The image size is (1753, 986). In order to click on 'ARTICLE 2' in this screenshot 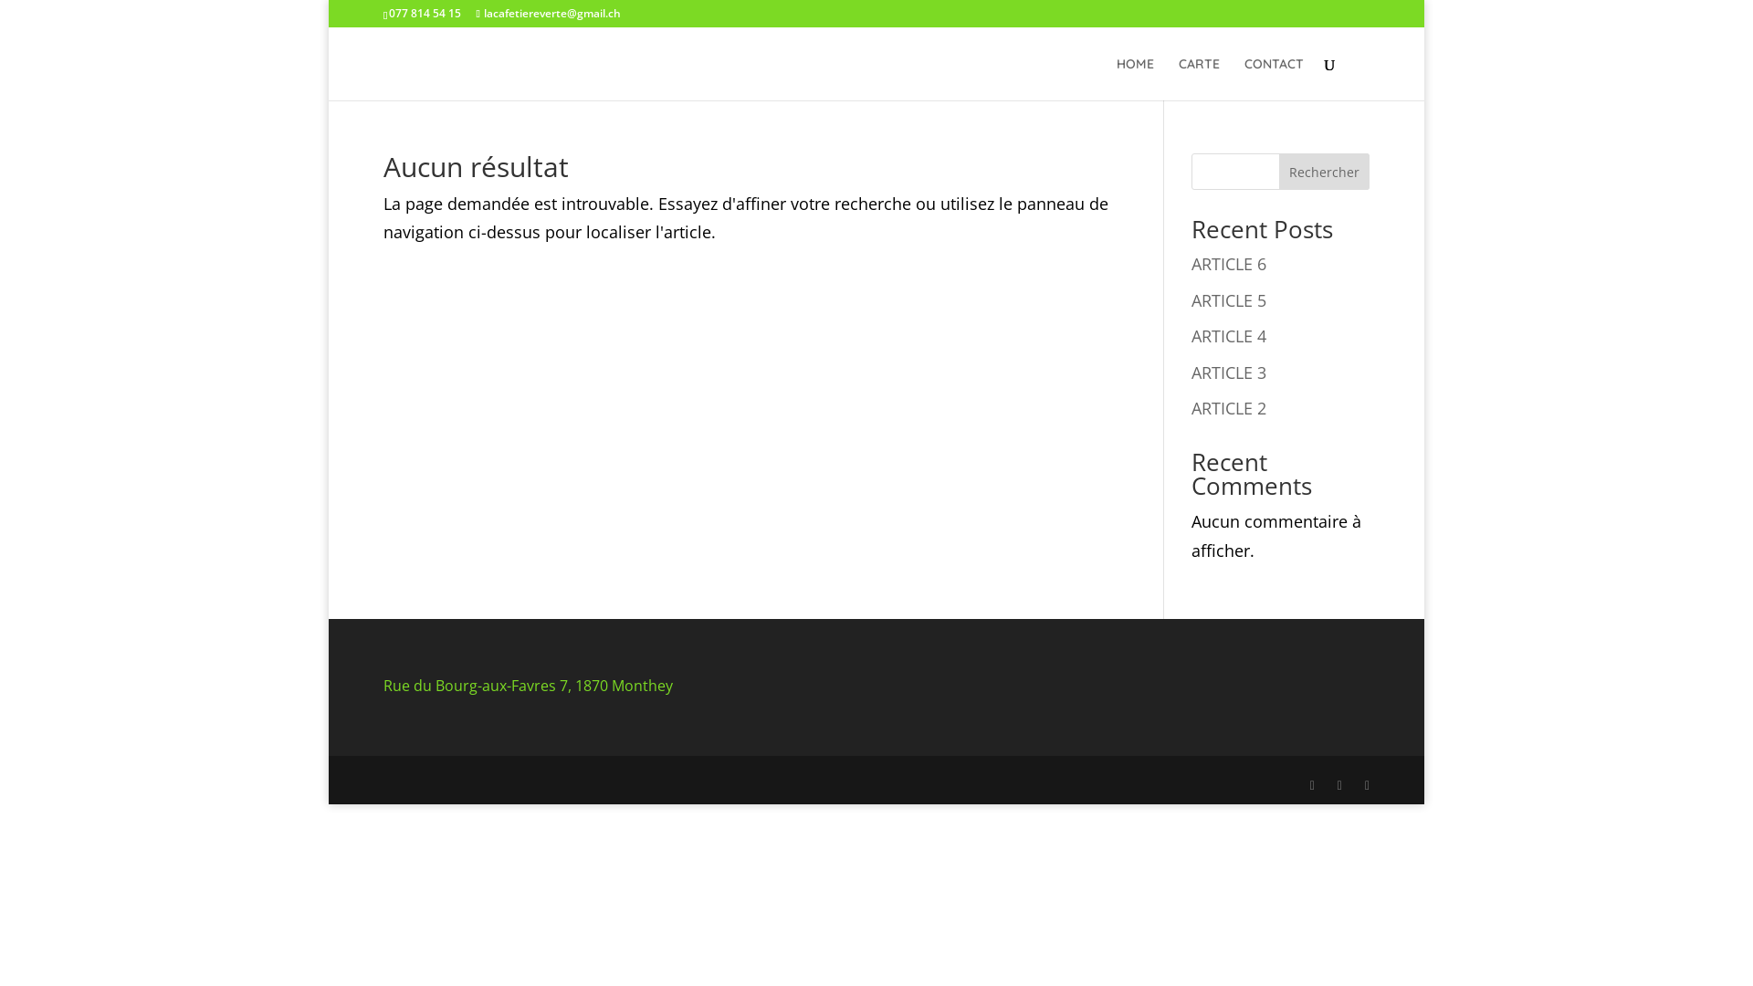, I will do `click(1228, 407)`.